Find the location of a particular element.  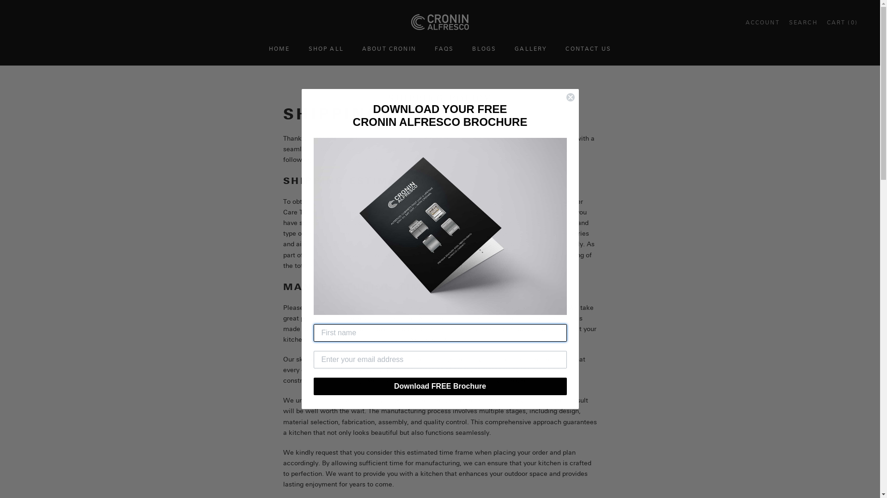

'Download FREE Brochure' is located at coordinates (439, 386).